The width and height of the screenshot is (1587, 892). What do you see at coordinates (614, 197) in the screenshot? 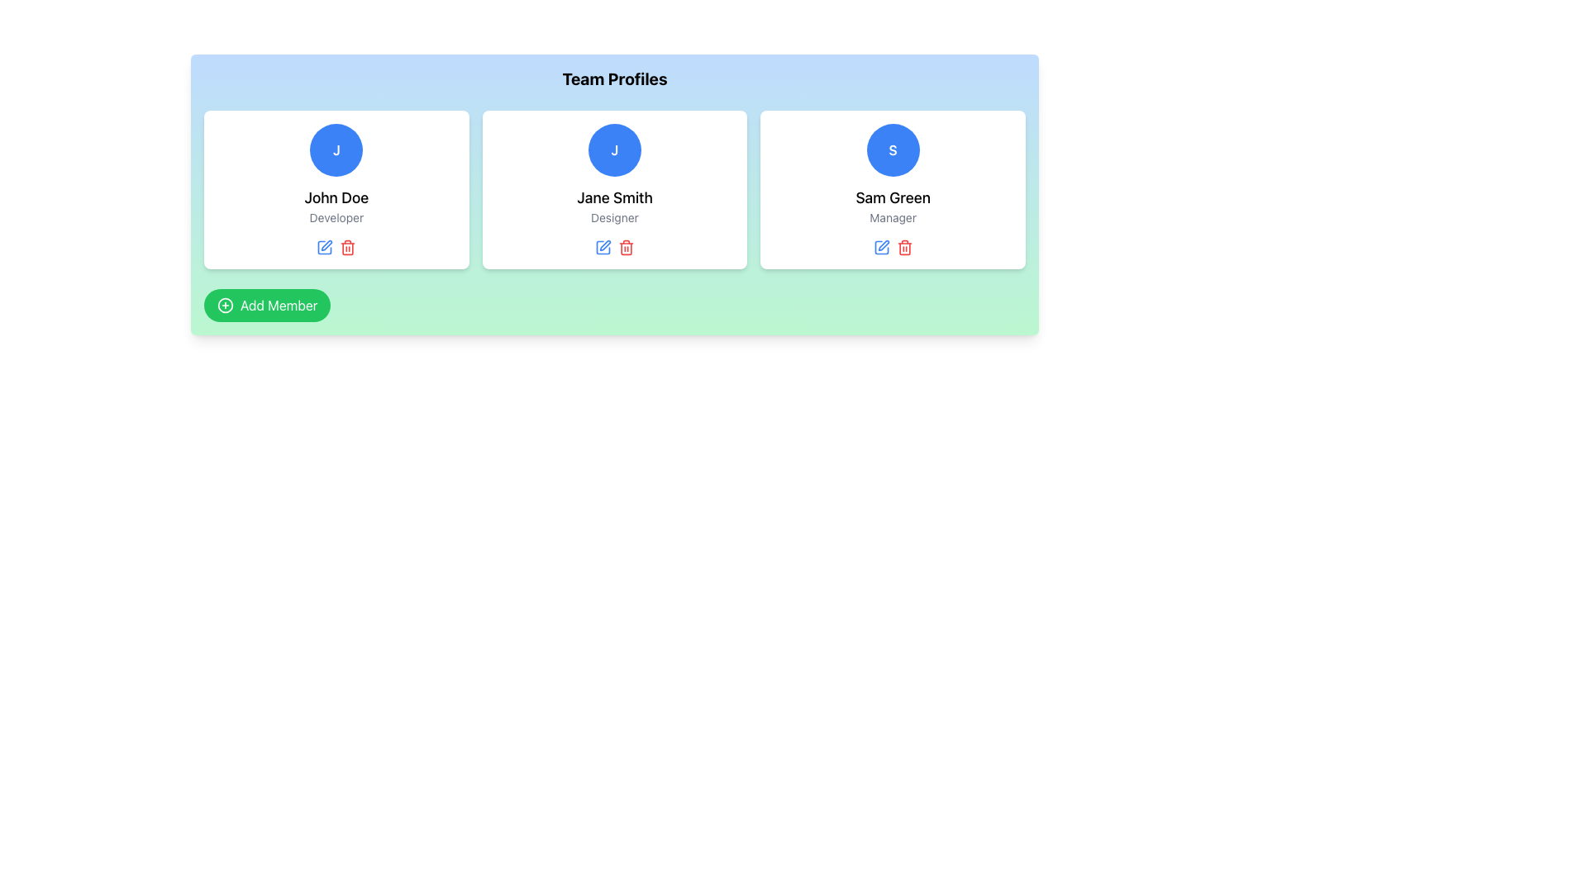
I see `the text label displaying 'Jane Smith', which is centrally positioned in the middle card of the 'Team Profiles' section` at bounding box center [614, 197].